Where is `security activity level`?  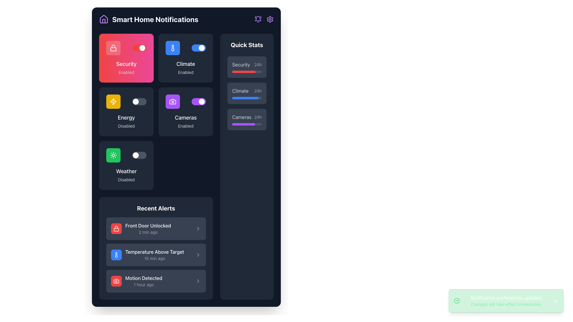 security activity level is located at coordinates (252, 71).